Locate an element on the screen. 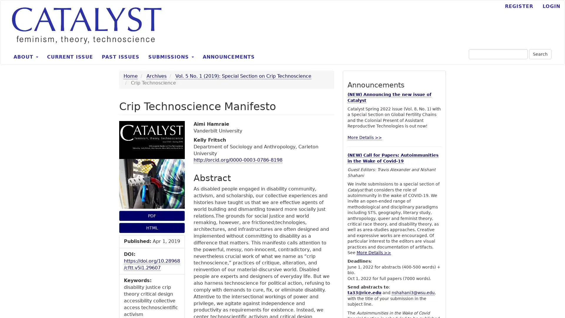 This screenshot has height=318, width=565. PDF is located at coordinates (152, 216).